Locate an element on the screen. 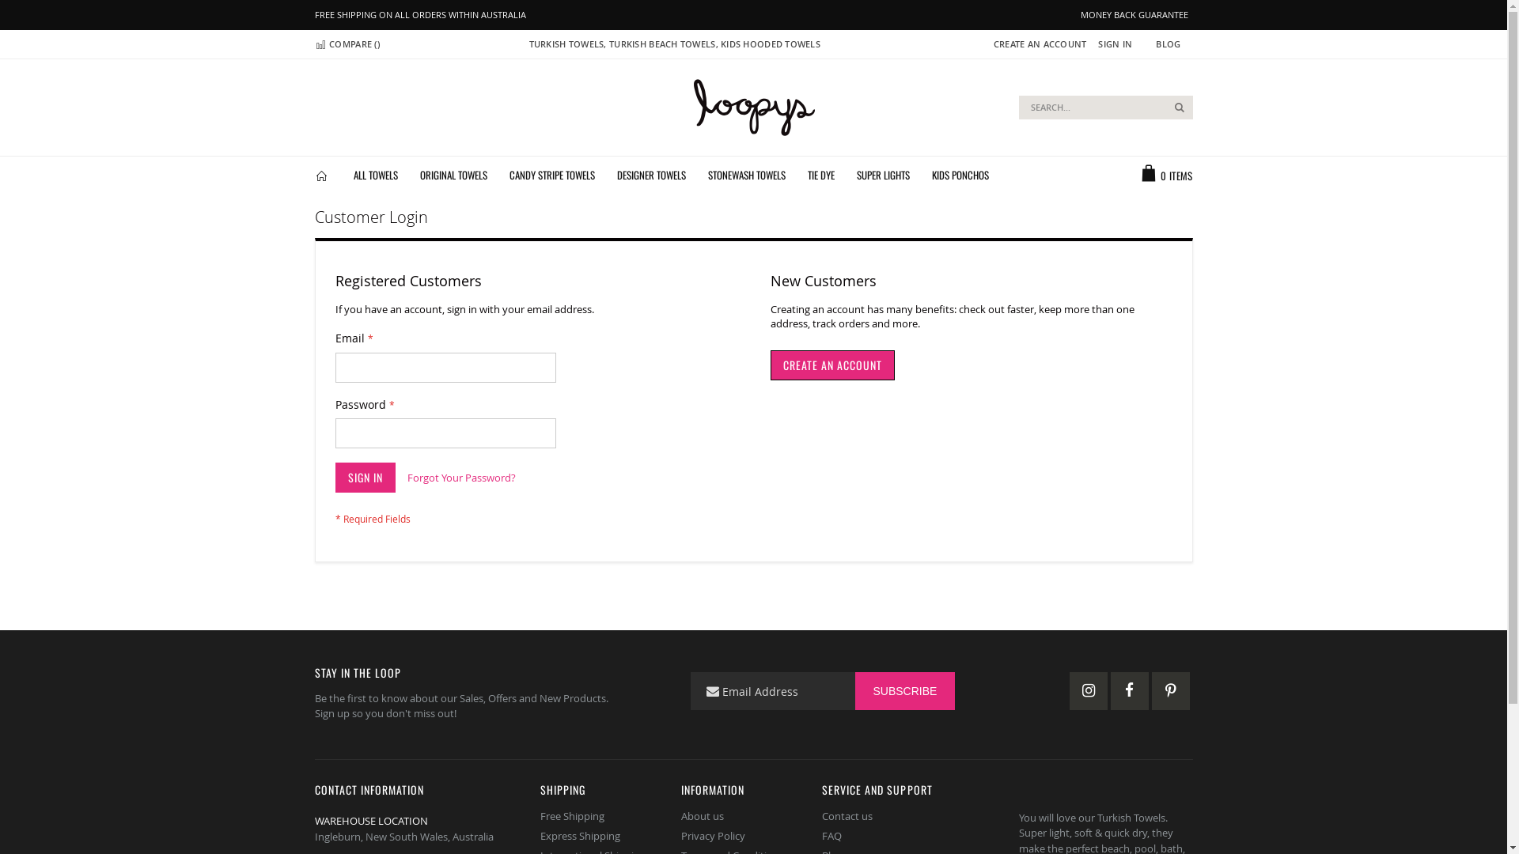 This screenshot has width=1519, height=854. 'Search' is located at coordinates (1180, 107).